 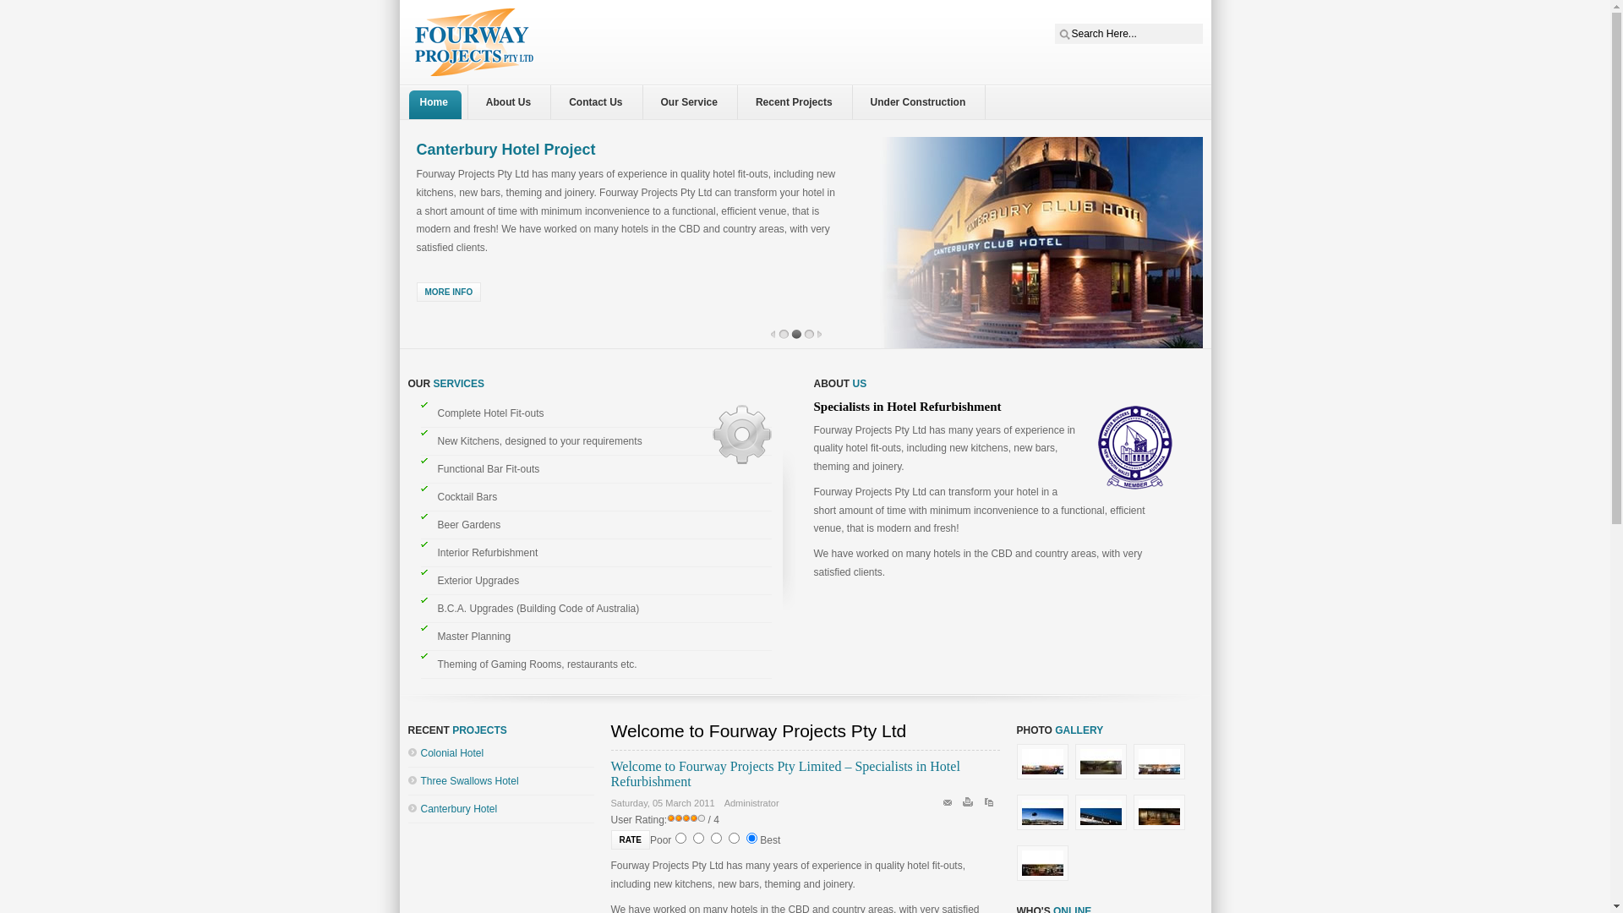 What do you see at coordinates (628, 839) in the screenshot?
I see `'Rate'` at bounding box center [628, 839].